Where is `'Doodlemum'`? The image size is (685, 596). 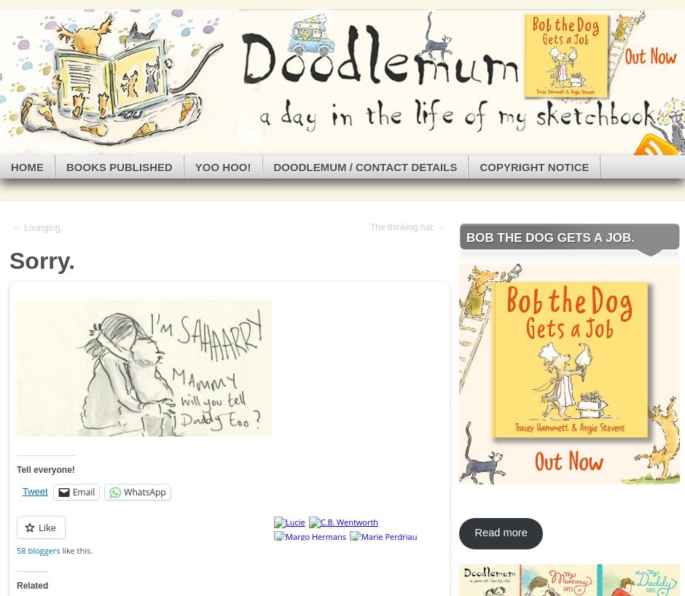
'Doodlemum' is located at coordinates (95, 68).